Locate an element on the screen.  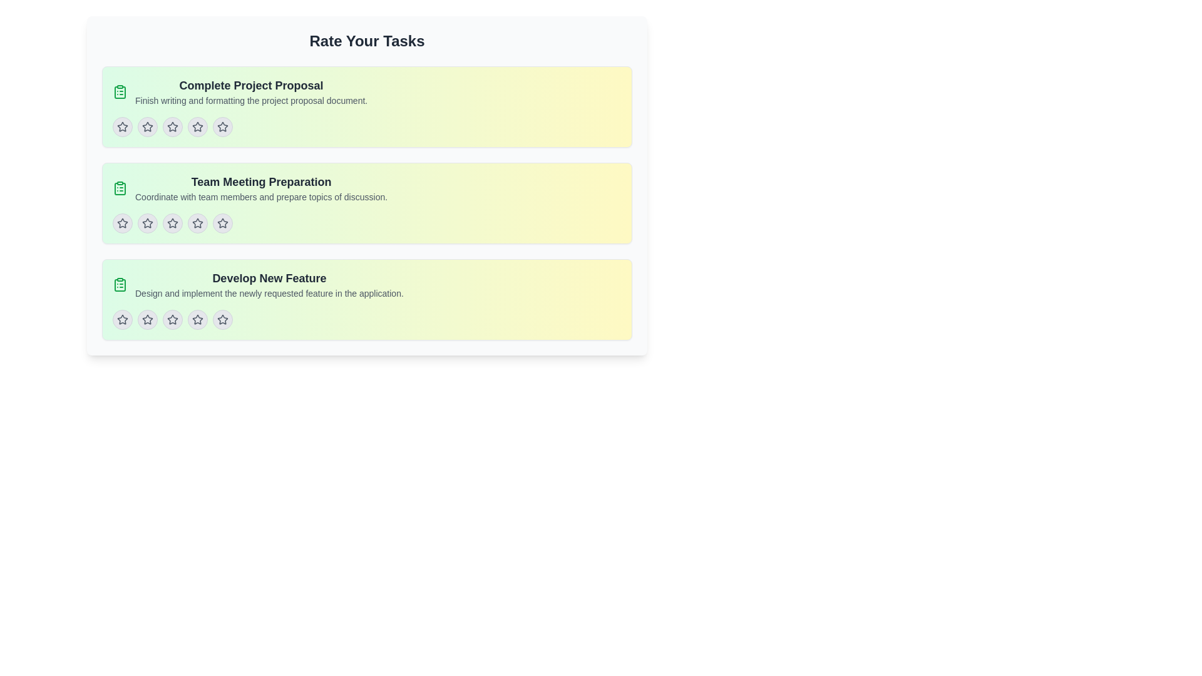
the fifth star-shaped rating icon within the 'Rate Your Tasks' section is located at coordinates (222, 127).